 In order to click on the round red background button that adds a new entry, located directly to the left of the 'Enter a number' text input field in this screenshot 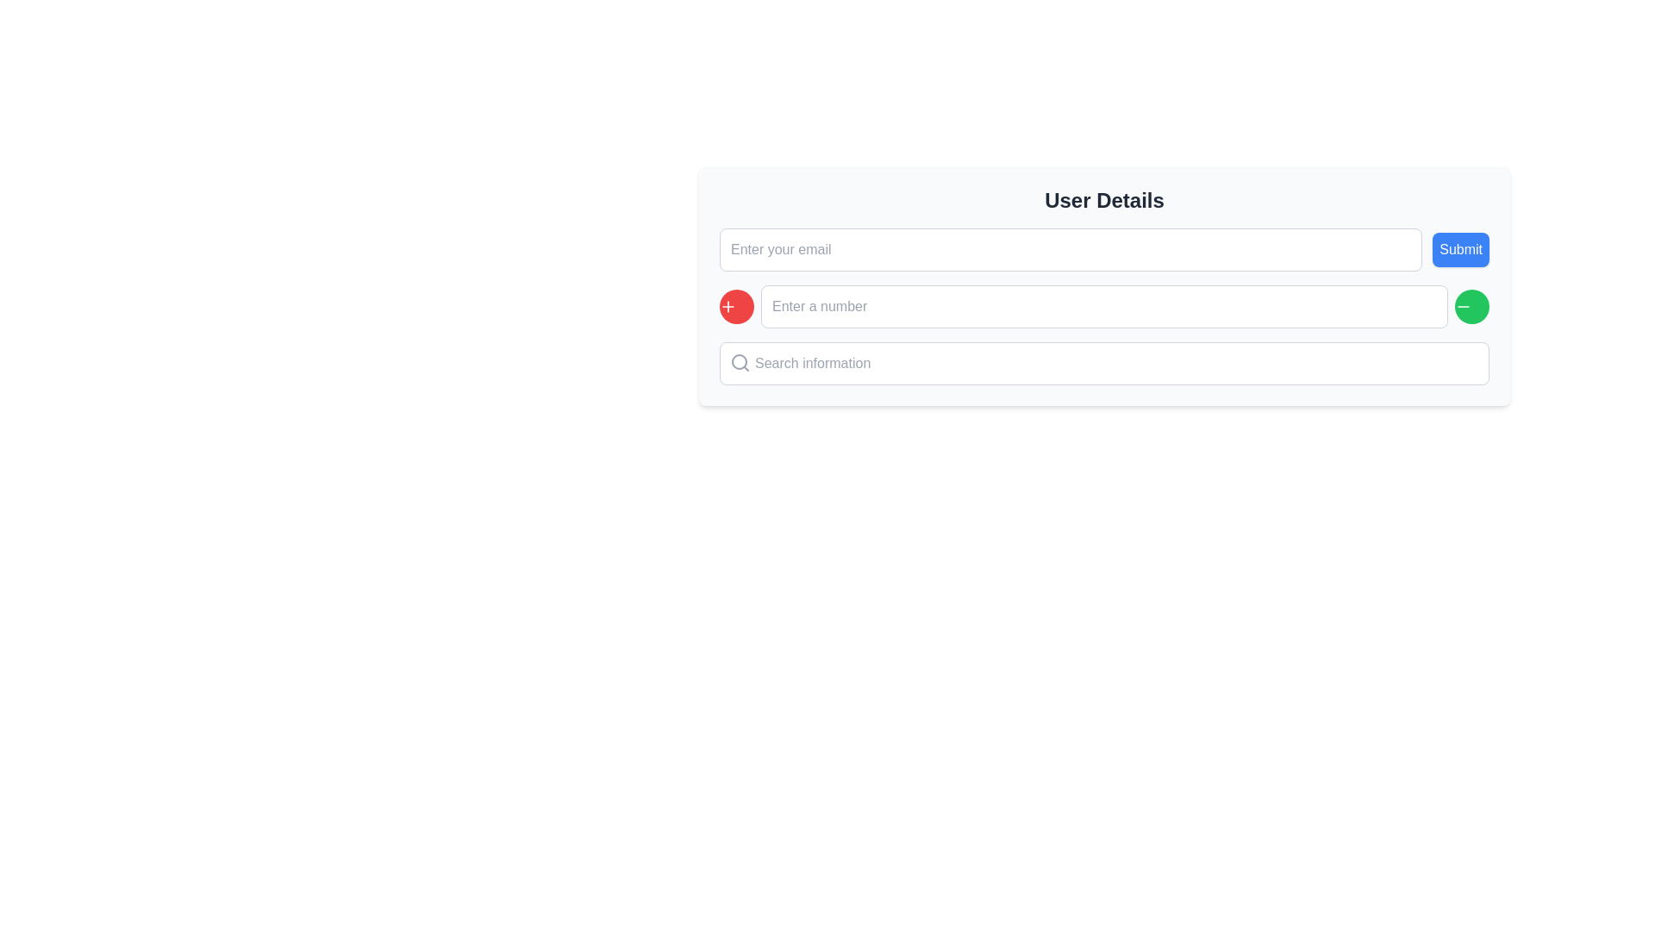, I will do `click(728, 305)`.